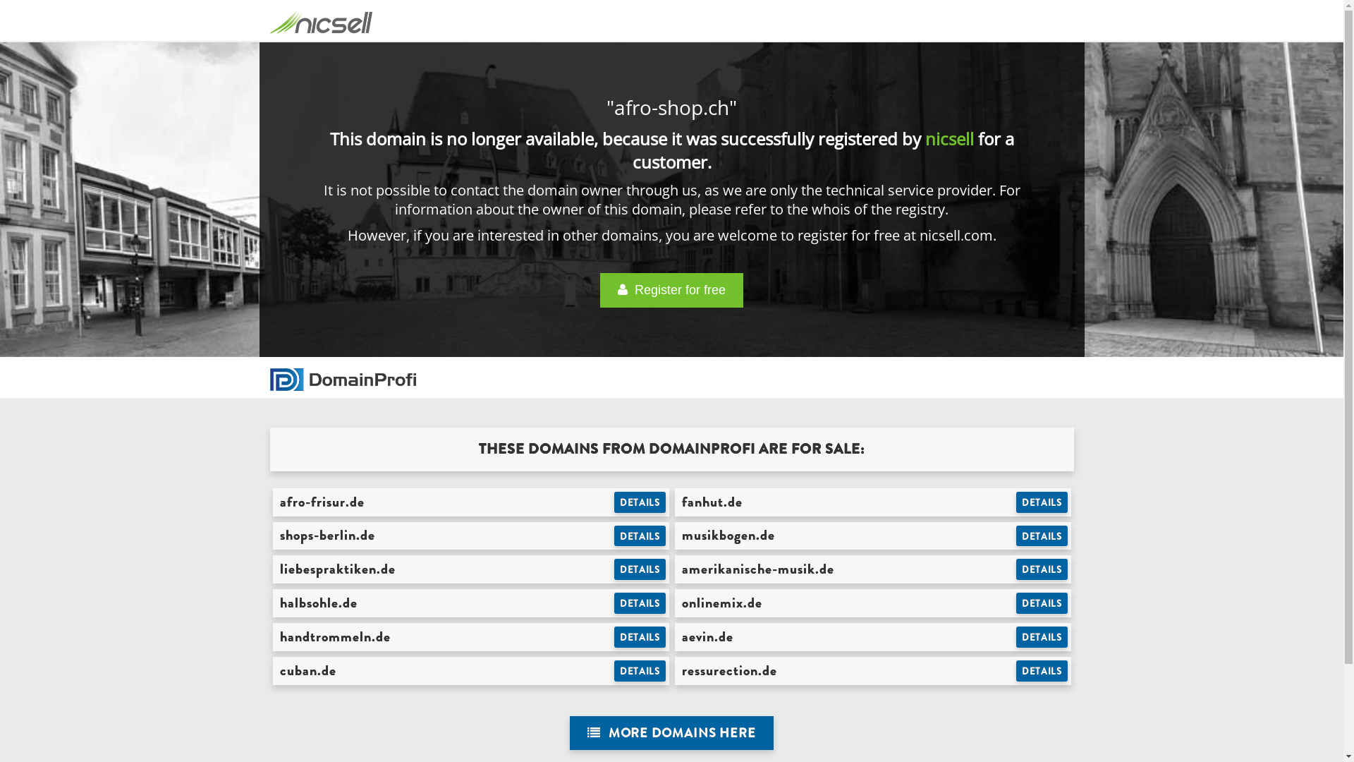  Describe the element at coordinates (639, 636) in the screenshot. I see `'DETAILS'` at that location.